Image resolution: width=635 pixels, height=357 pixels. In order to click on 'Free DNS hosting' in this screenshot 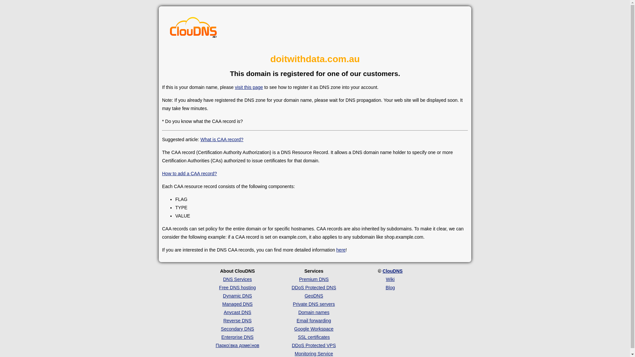, I will do `click(219, 287)`.